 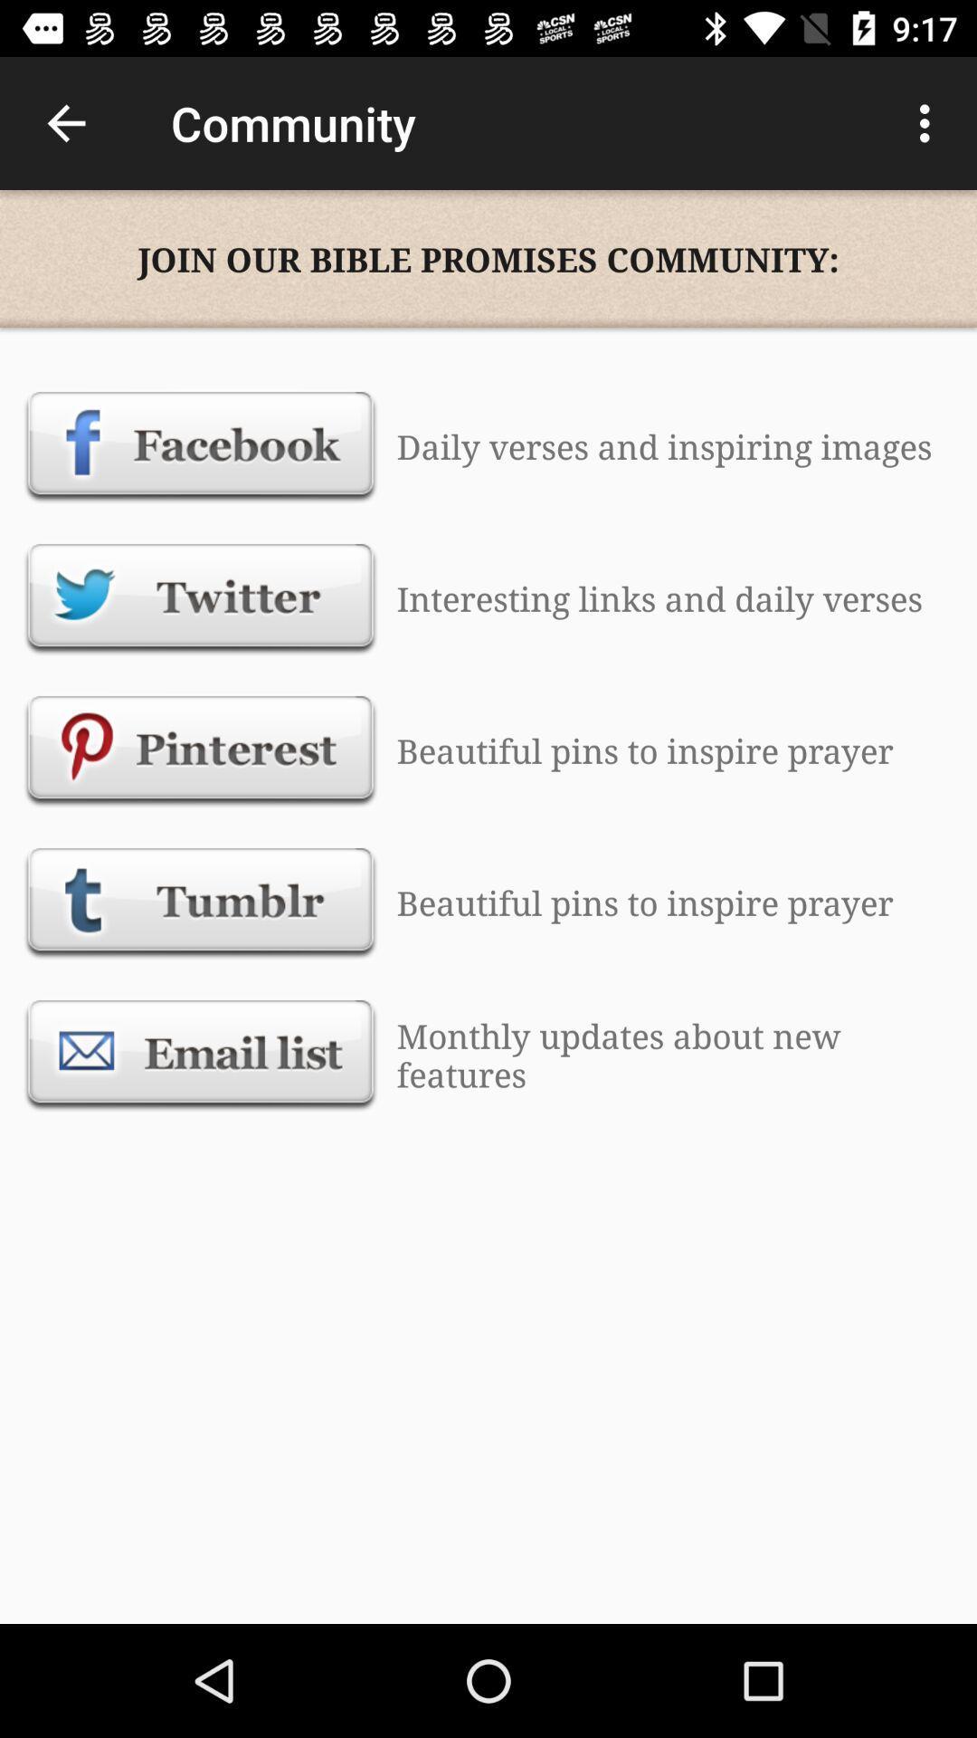 I want to click on text which is below facebook, so click(x=201, y=599).